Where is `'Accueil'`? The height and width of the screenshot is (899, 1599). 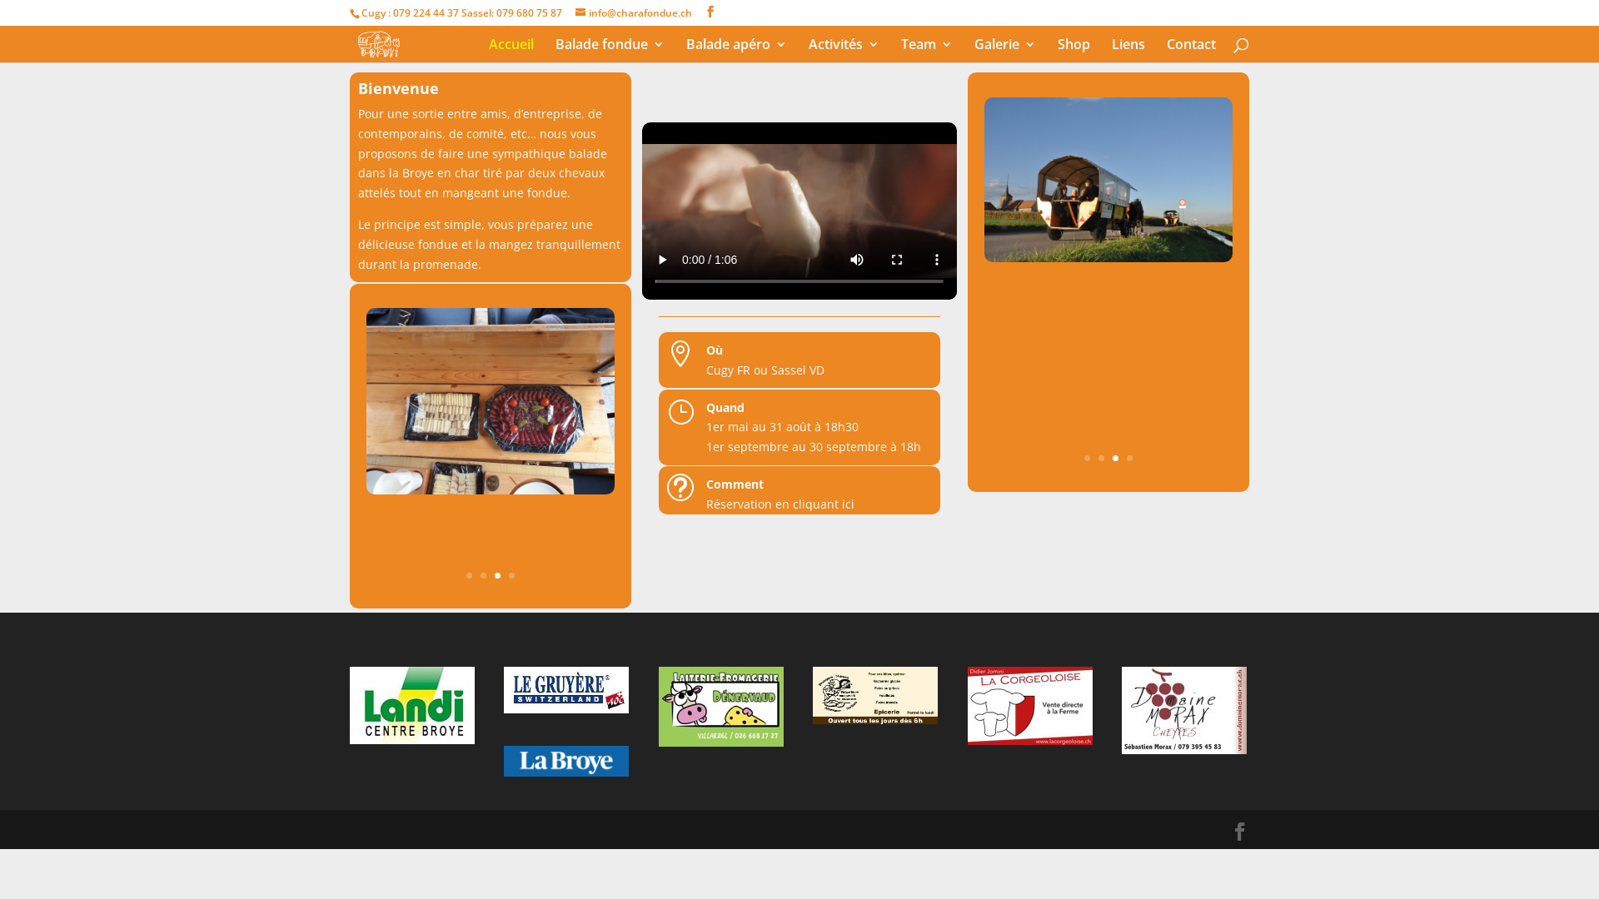 'Accueil' is located at coordinates (511, 49).